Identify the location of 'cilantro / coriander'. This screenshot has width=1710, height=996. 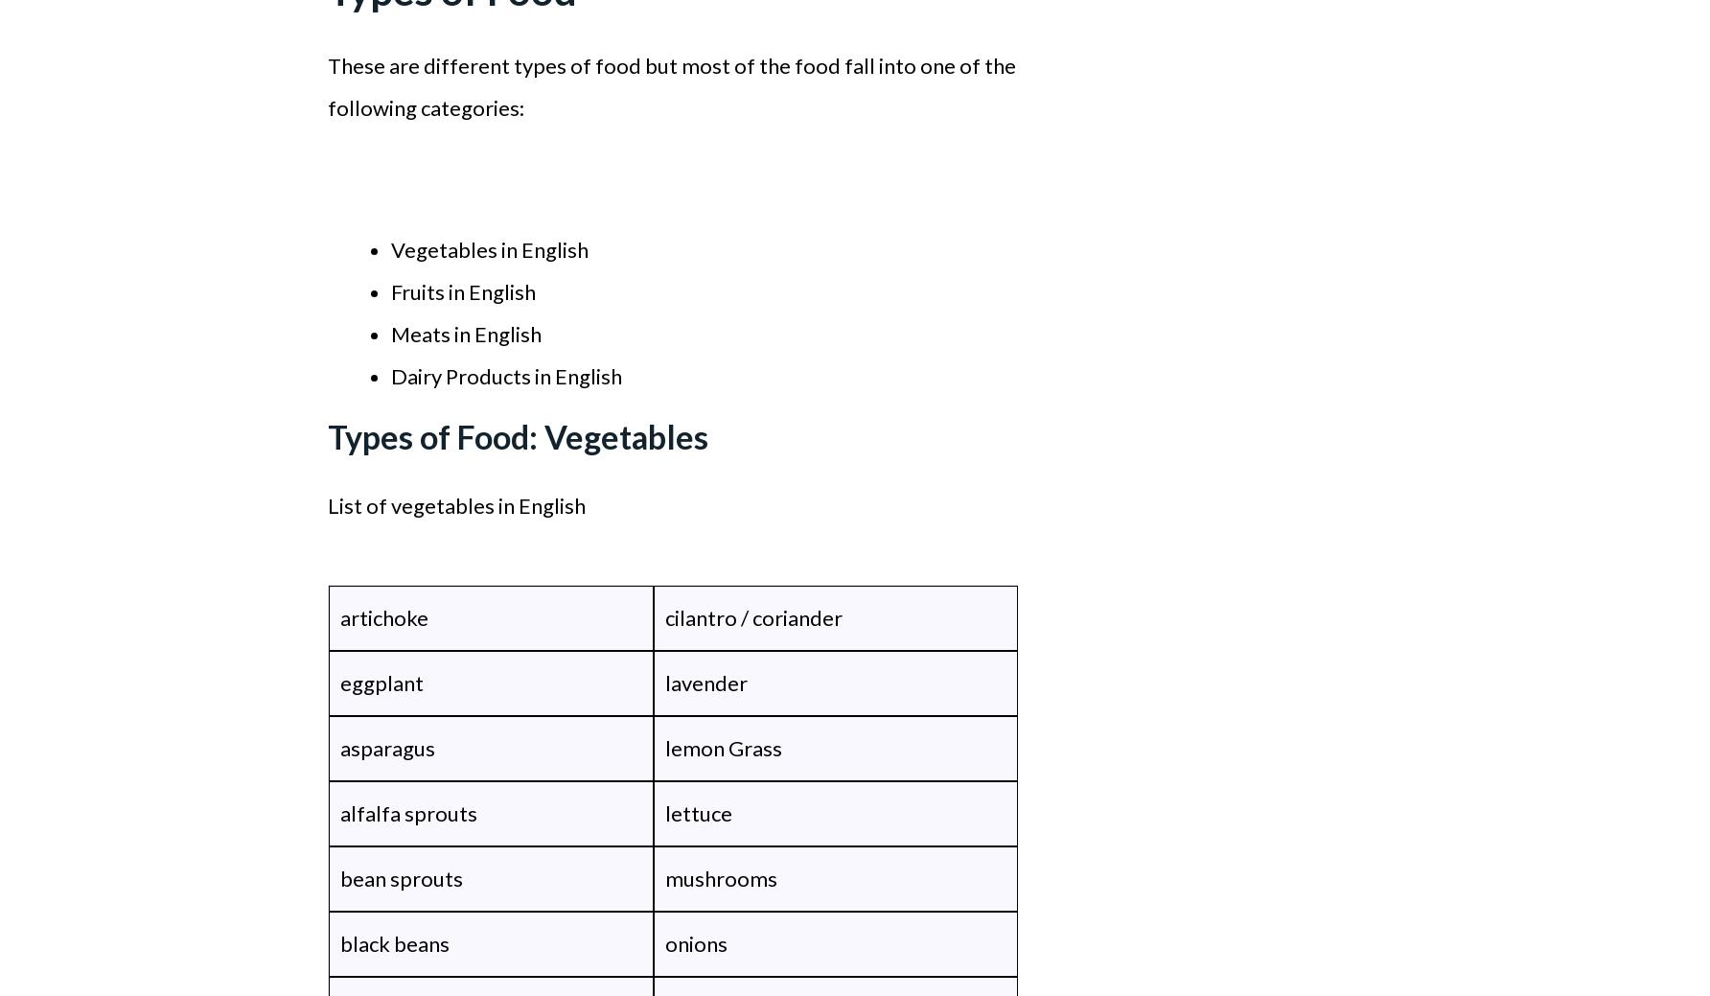
(751, 617).